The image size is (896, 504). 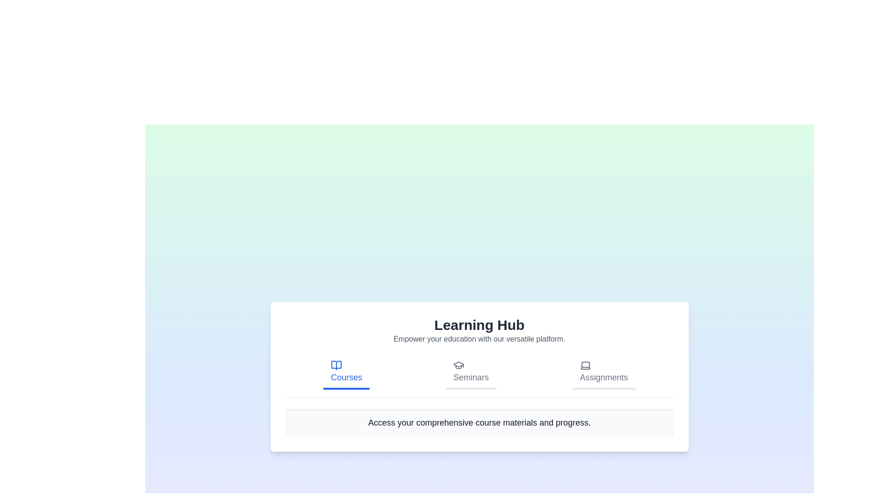 I want to click on the 'Assignments' button in the navigation bar, so click(x=604, y=372).